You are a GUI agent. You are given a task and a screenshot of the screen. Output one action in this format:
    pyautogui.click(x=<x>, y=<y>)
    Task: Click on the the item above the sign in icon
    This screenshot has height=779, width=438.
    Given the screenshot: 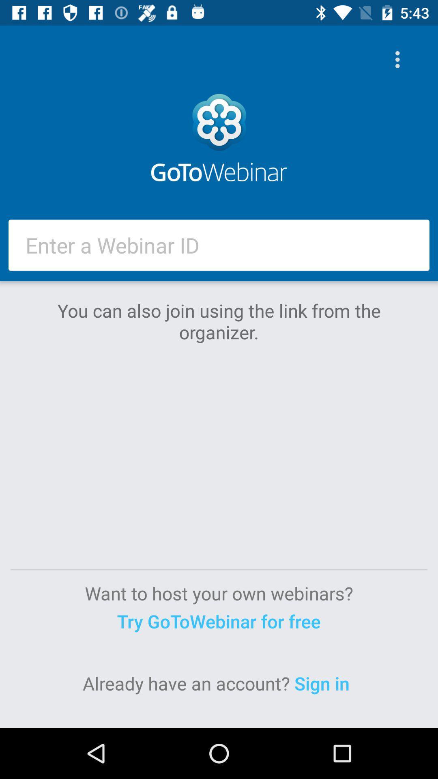 What is the action you would take?
    pyautogui.click(x=218, y=621)
    